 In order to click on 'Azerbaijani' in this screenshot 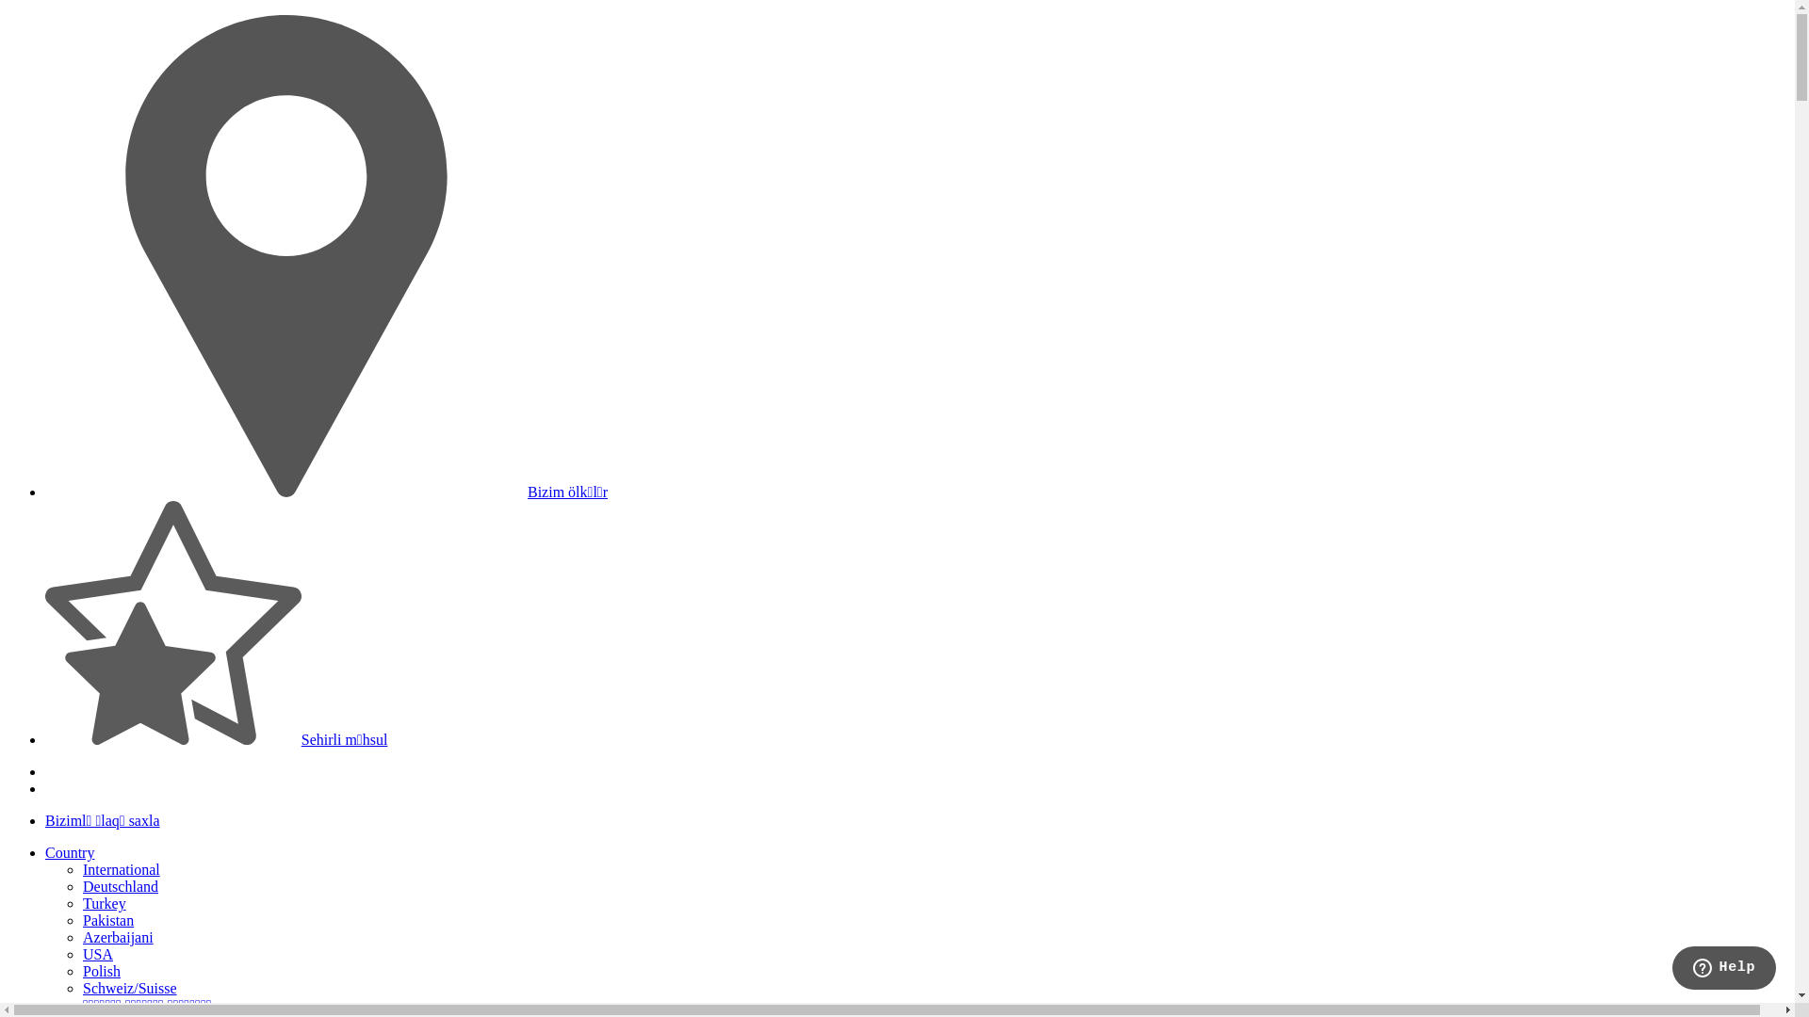, I will do `click(117, 937)`.